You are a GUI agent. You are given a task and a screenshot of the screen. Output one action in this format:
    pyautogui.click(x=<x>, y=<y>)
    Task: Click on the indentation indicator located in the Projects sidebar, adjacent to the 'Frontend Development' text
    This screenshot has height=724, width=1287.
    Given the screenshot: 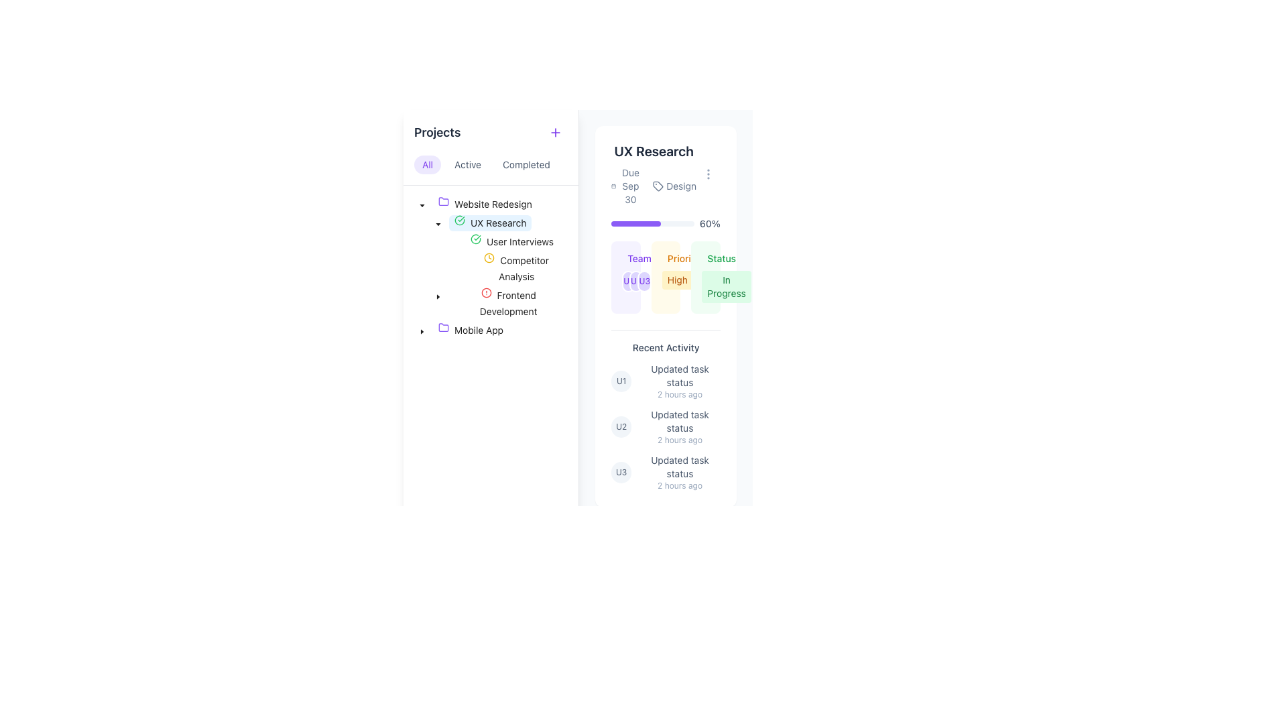 What is the action you would take?
    pyautogui.click(x=421, y=303)
    